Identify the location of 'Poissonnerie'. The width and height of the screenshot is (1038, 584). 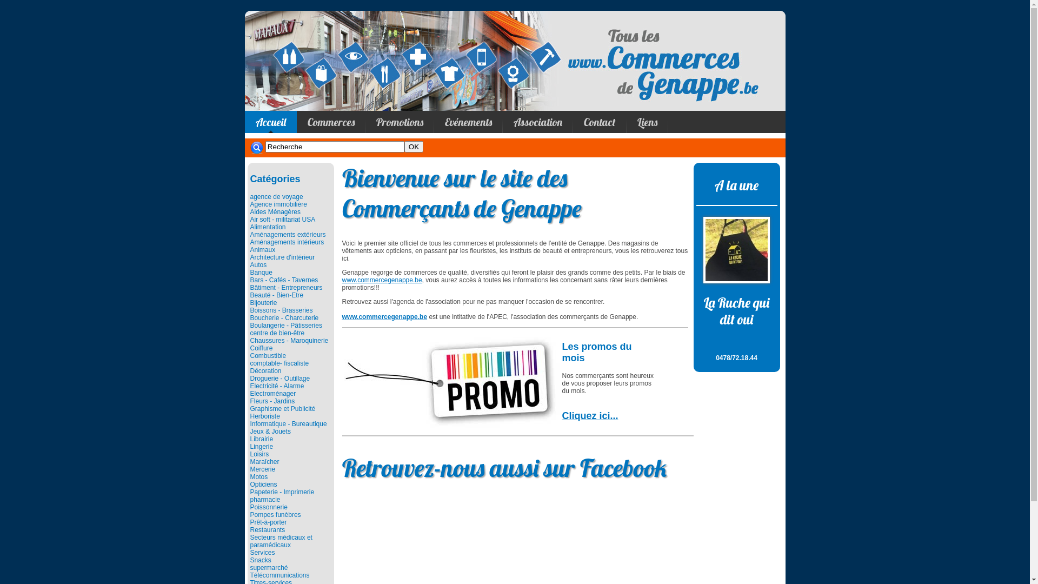
(268, 507).